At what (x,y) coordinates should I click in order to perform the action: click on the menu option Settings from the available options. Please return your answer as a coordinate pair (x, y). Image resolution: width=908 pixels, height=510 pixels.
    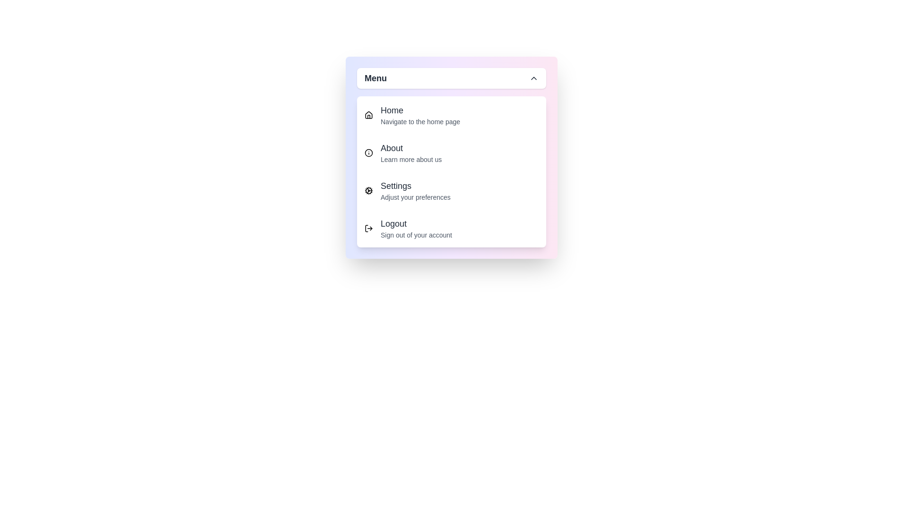
    Looking at the image, I should click on (451, 191).